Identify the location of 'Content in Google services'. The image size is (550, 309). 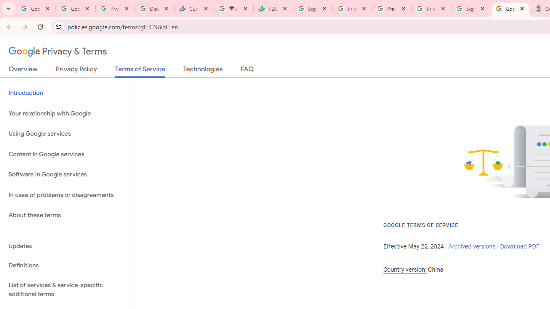
(65, 154).